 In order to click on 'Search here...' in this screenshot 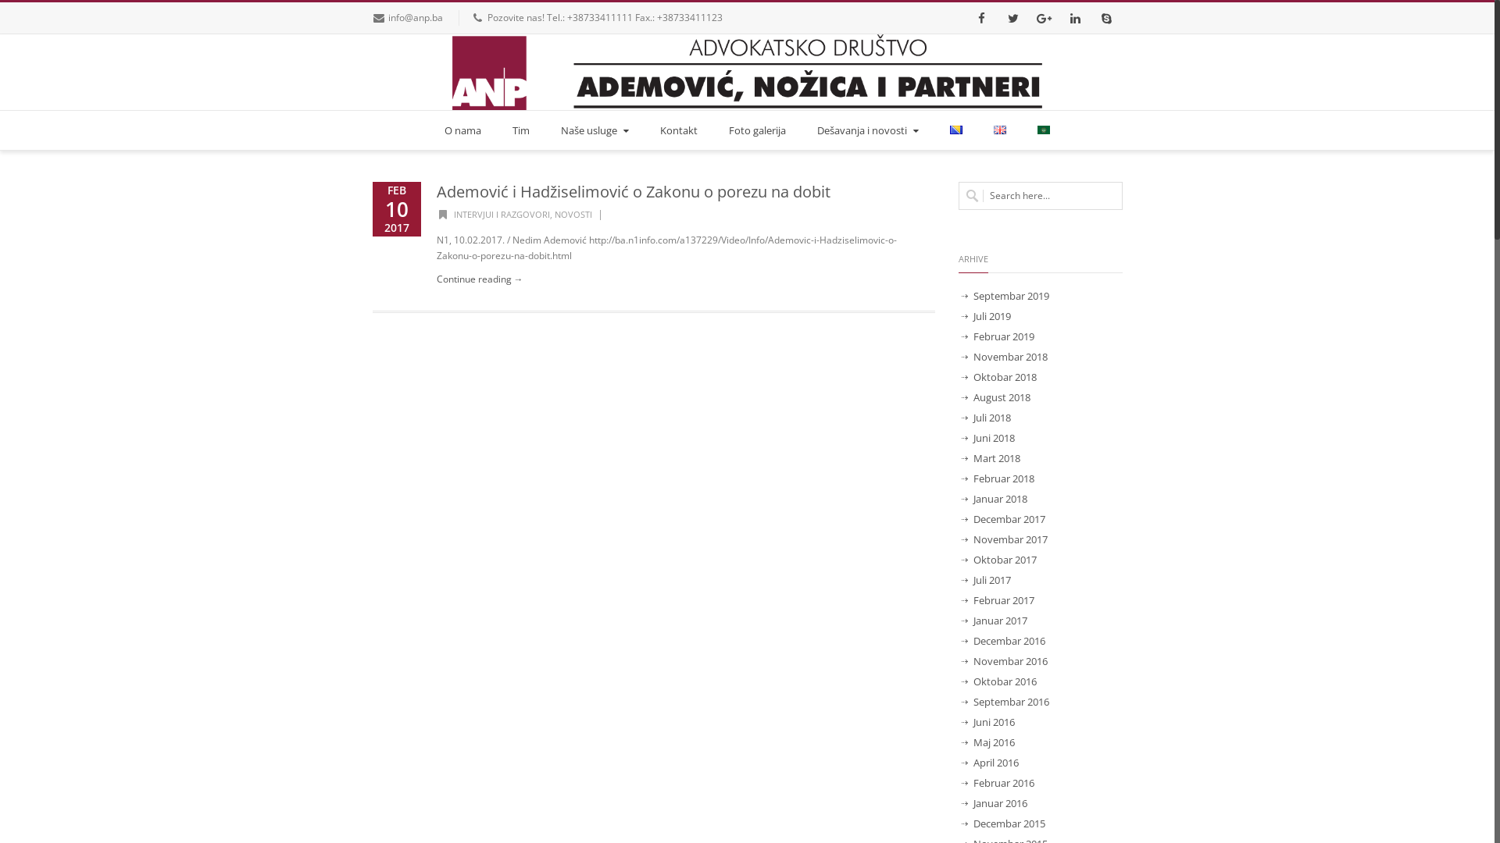, I will do `click(1039, 194)`.